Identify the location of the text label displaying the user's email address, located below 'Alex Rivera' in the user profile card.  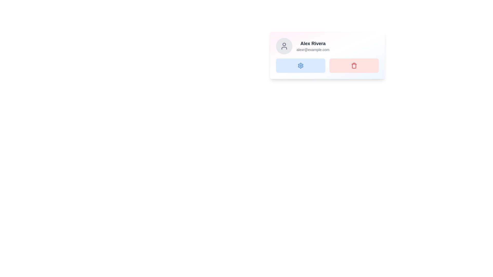
(312, 50).